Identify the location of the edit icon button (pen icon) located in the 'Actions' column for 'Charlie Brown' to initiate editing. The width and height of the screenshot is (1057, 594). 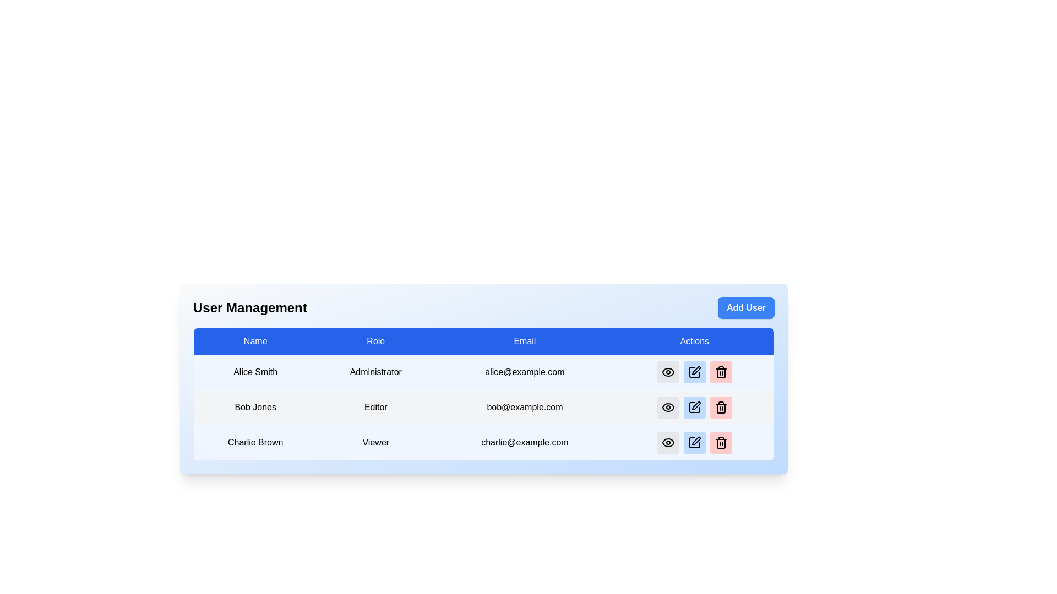
(694, 442).